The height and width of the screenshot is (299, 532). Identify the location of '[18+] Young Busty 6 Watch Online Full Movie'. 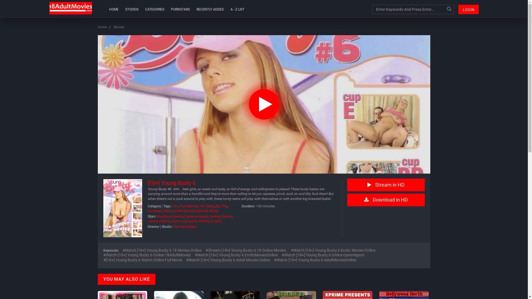
(103, 260).